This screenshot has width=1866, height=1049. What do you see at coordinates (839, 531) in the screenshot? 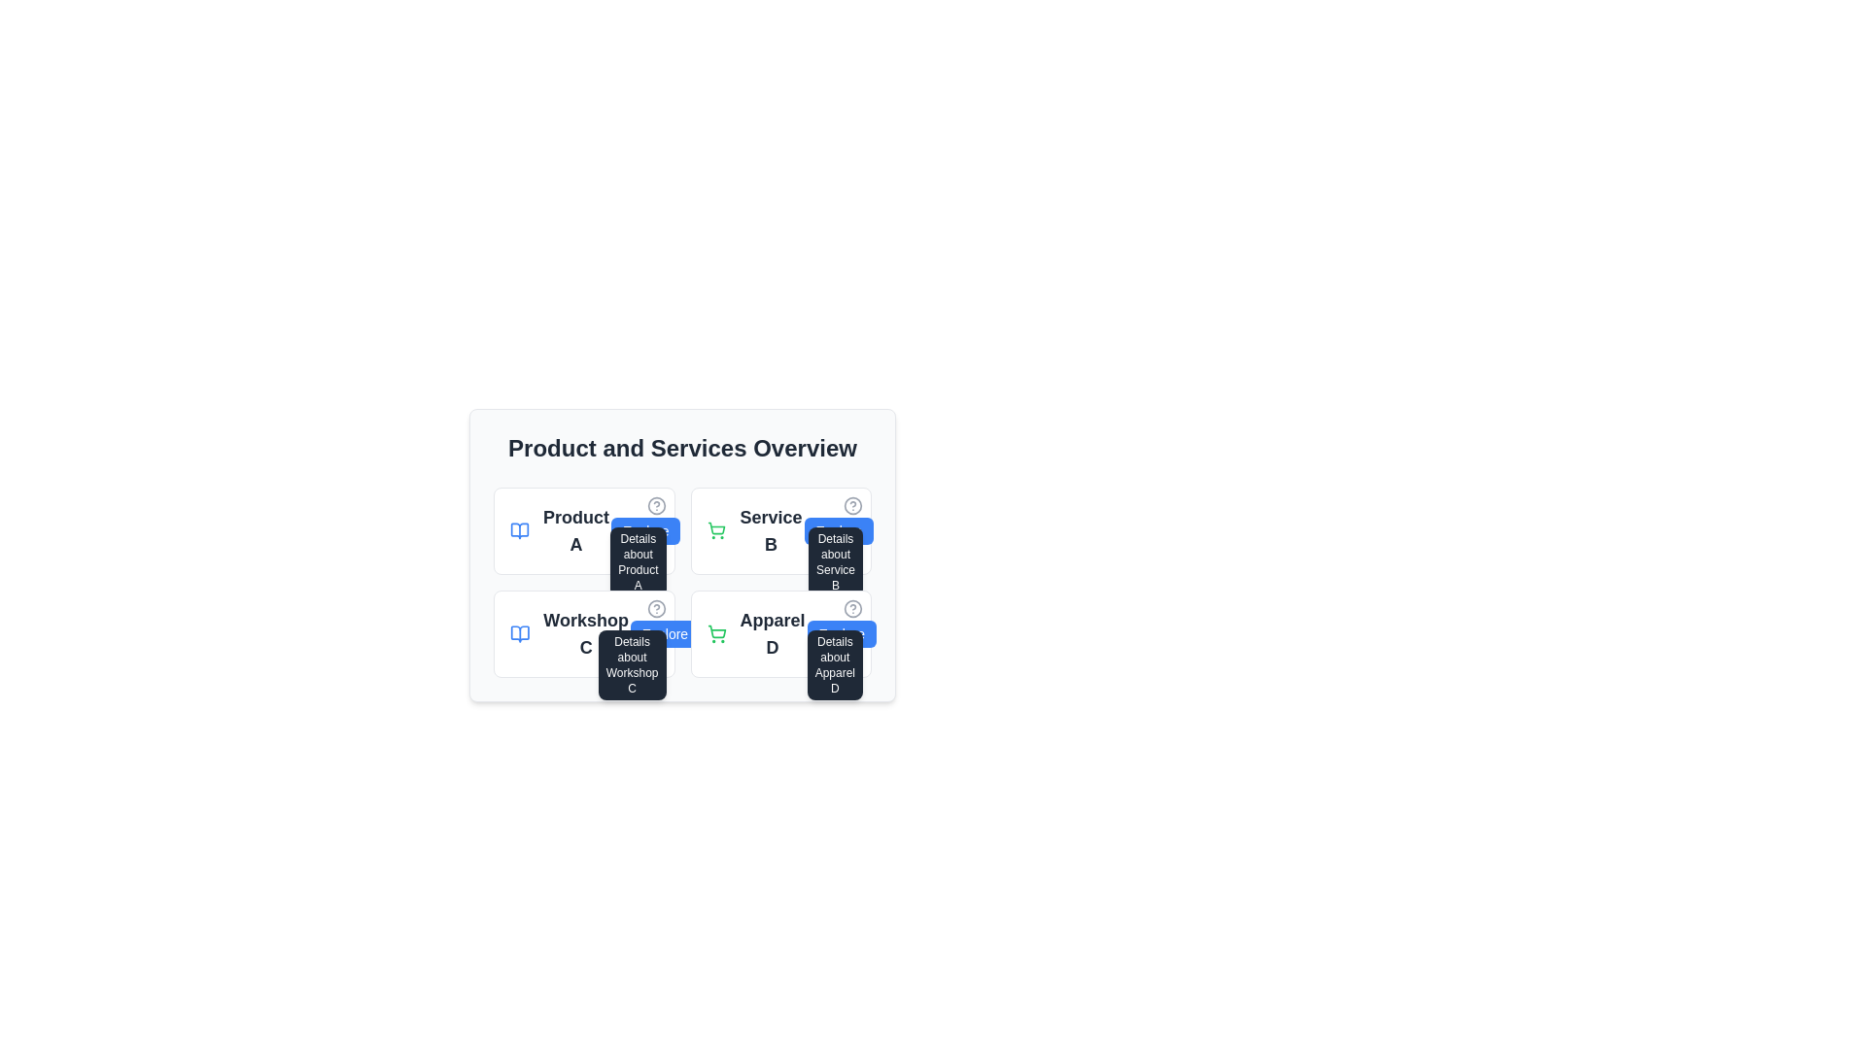
I see `the button located in the right section of the card labeled 'Service B' within the 'Product and Services Overview' grid` at bounding box center [839, 531].